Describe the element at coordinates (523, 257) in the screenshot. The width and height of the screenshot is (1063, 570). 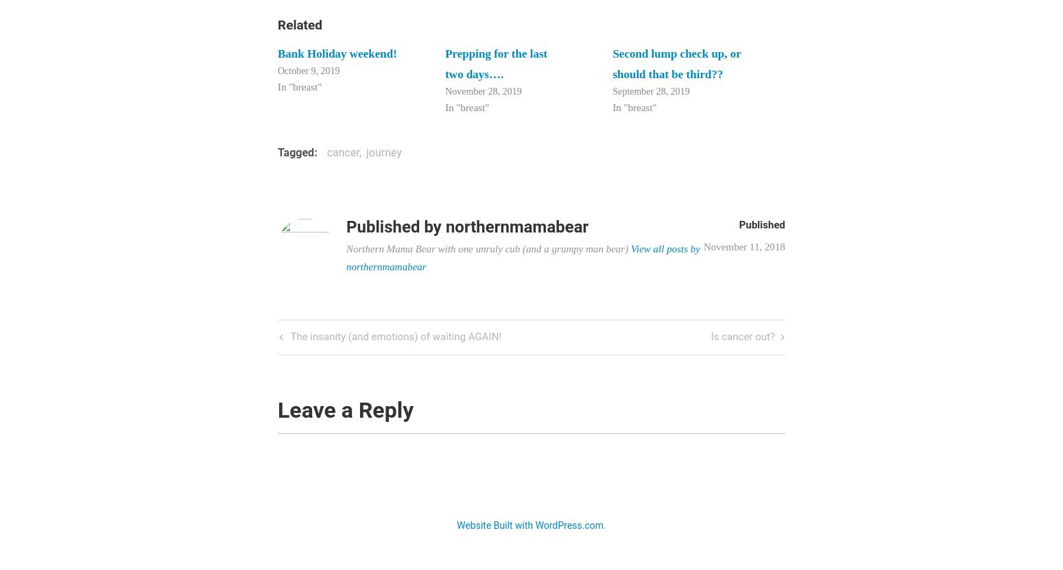
I see `'View all posts by northernmamabear'` at that location.